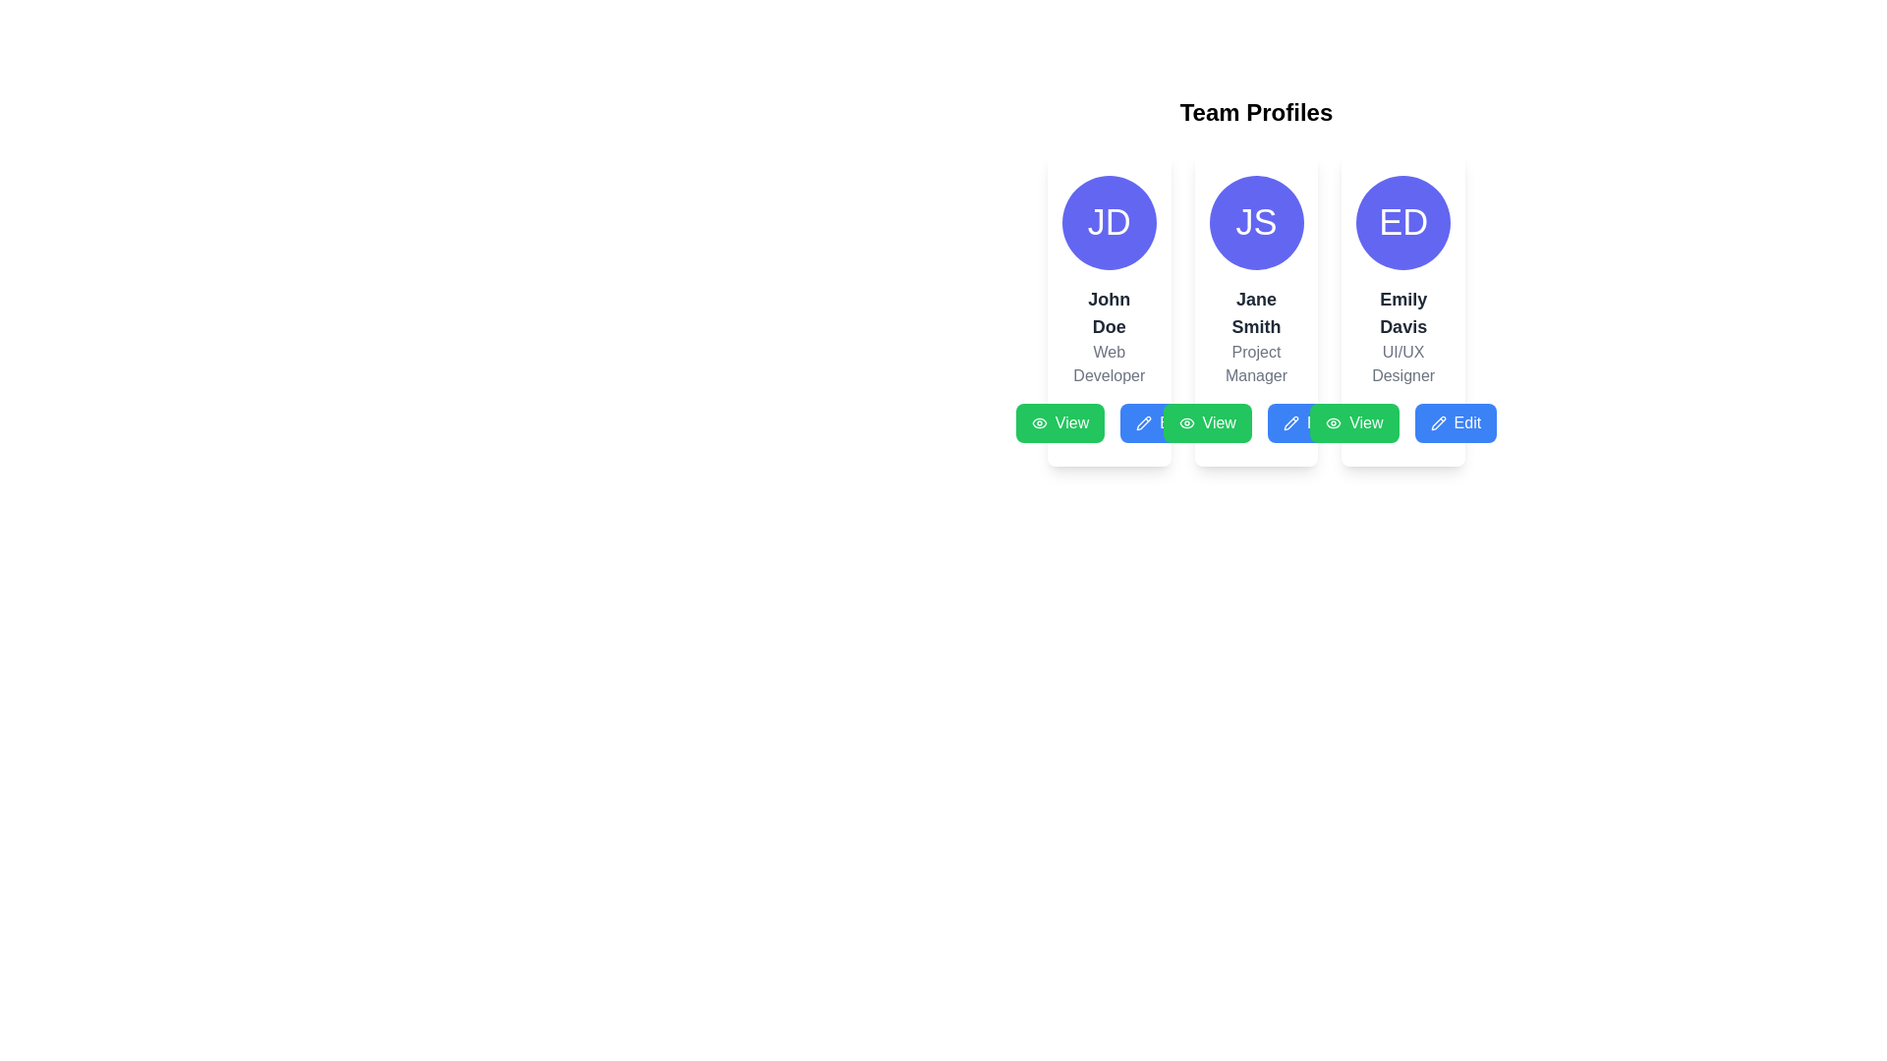 The width and height of the screenshot is (1887, 1061). I want to click on the pencil icon, which is filled with blue color and located to the left of the 'Edit' label in the rightmost button under the profile card for 'Emily Davis', so click(1438, 422).